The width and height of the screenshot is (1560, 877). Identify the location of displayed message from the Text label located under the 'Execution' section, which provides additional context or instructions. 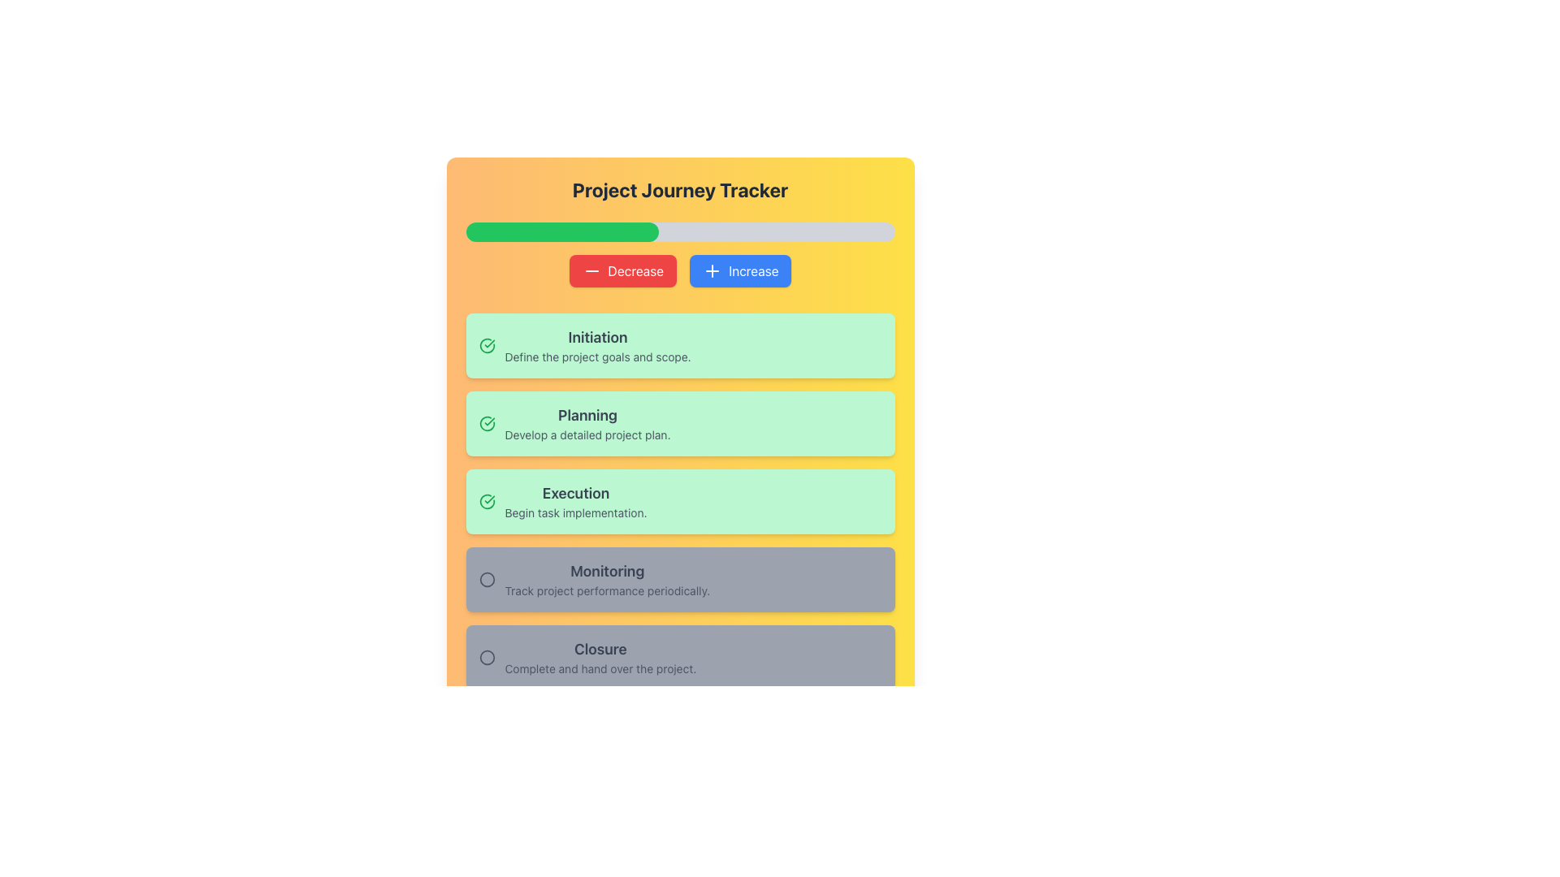
(576, 513).